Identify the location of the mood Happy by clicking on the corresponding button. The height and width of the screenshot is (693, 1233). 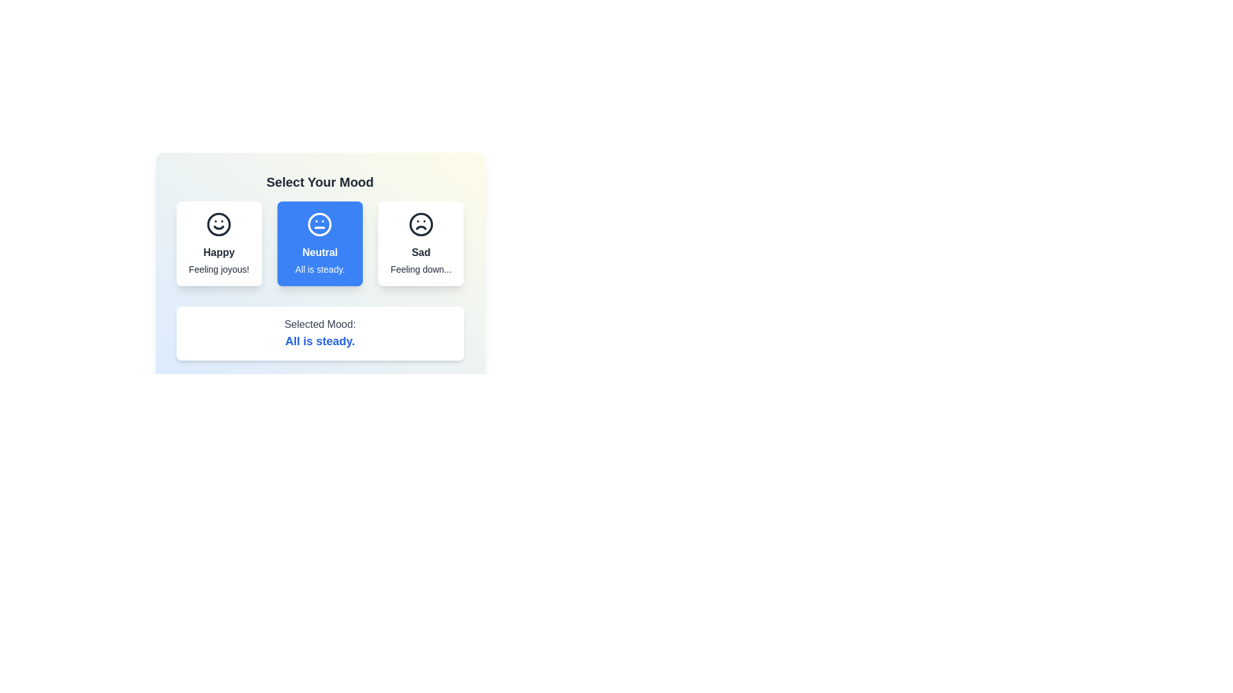
(218, 244).